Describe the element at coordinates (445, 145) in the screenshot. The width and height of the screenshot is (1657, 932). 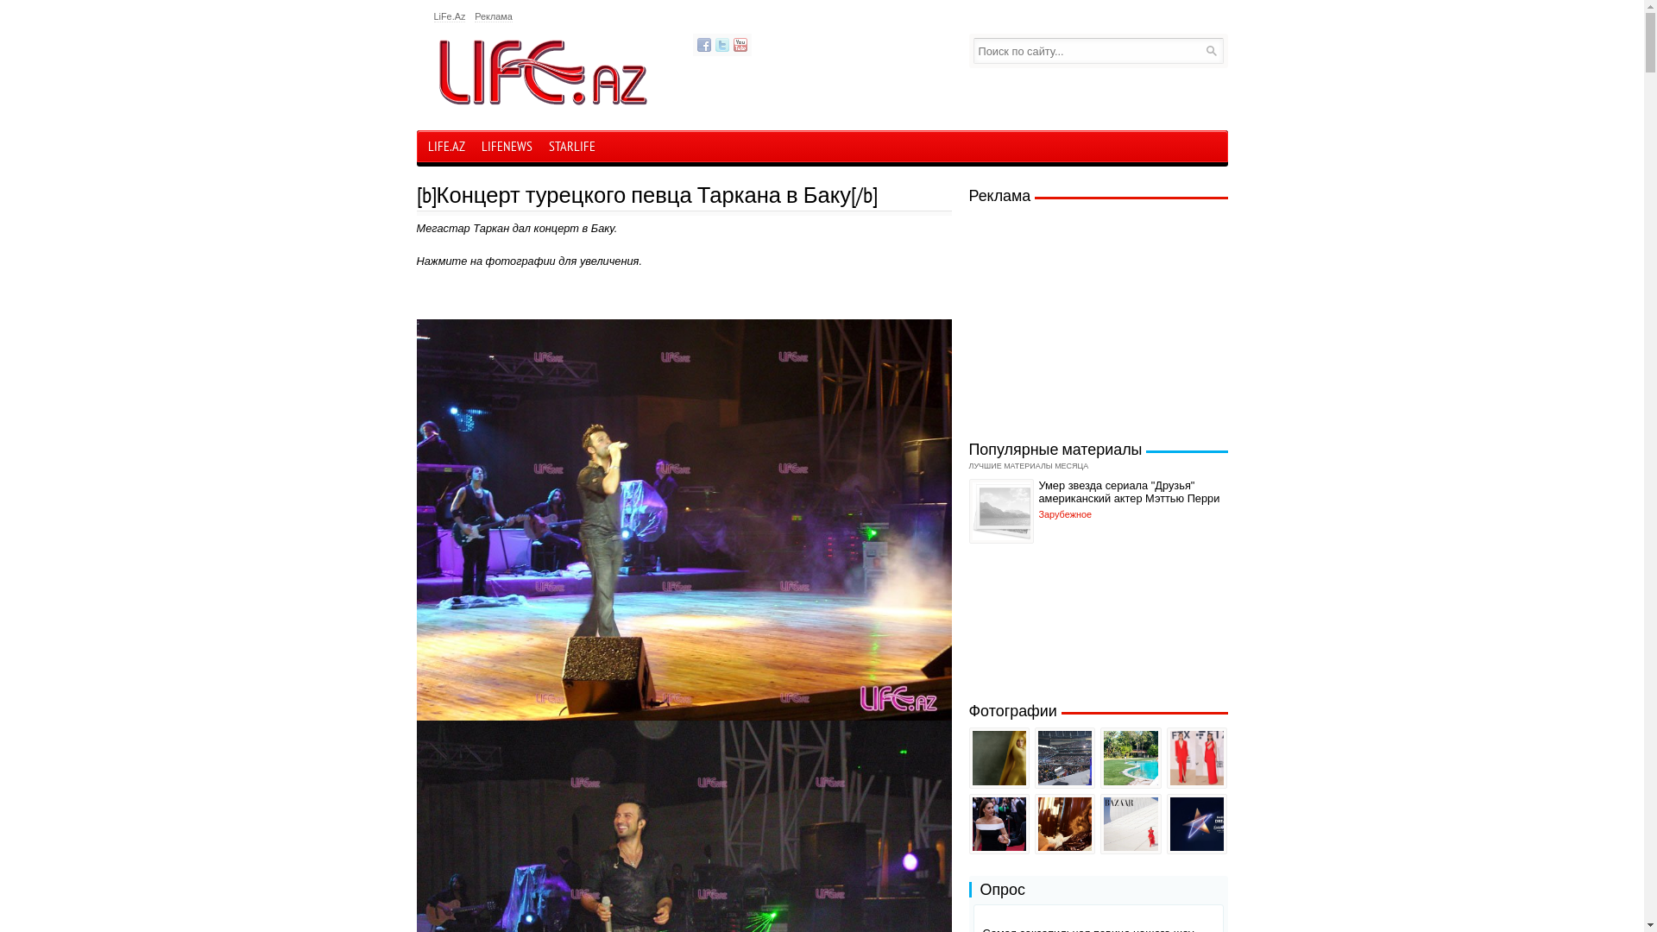
I see `'LIFE.AZ'` at that location.